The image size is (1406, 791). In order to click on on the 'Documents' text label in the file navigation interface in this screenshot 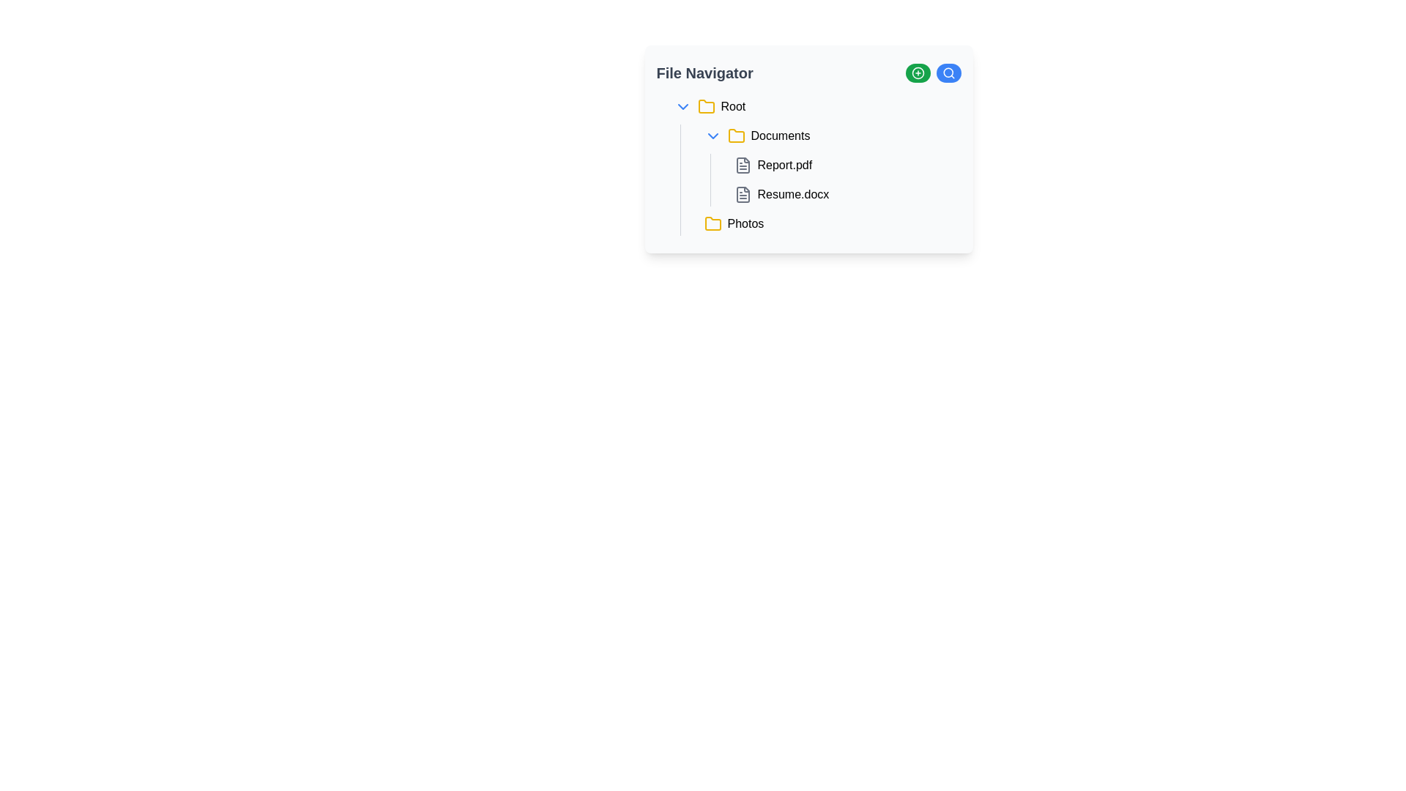, I will do `click(779, 135)`.